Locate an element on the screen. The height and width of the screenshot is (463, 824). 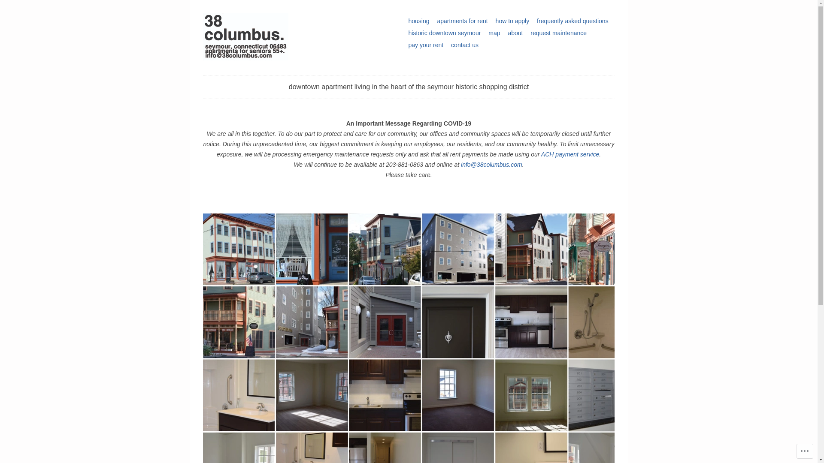
'historic downtown seymour' is located at coordinates (444, 33).